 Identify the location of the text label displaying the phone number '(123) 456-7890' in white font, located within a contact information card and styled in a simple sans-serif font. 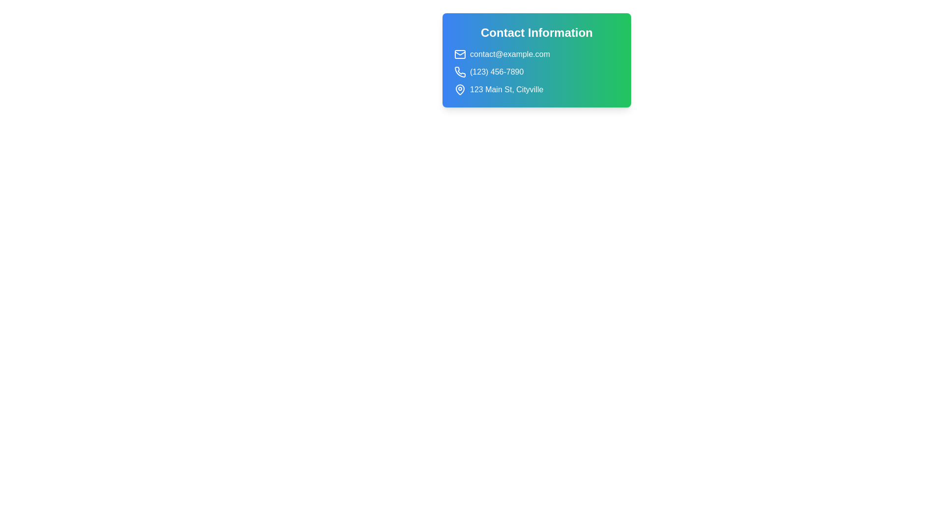
(497, 71).